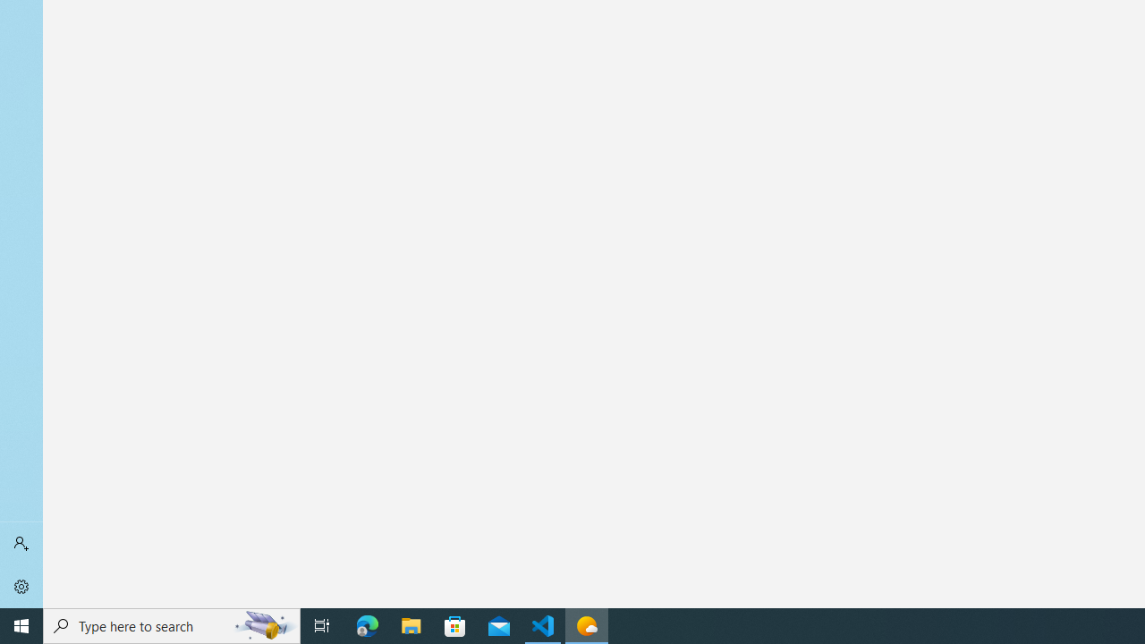 The height and width of the screenshot is (644, 1145). Describe the element at coordinates (172, 624) in the screenshot. I see `'Type here to search'` at that location.